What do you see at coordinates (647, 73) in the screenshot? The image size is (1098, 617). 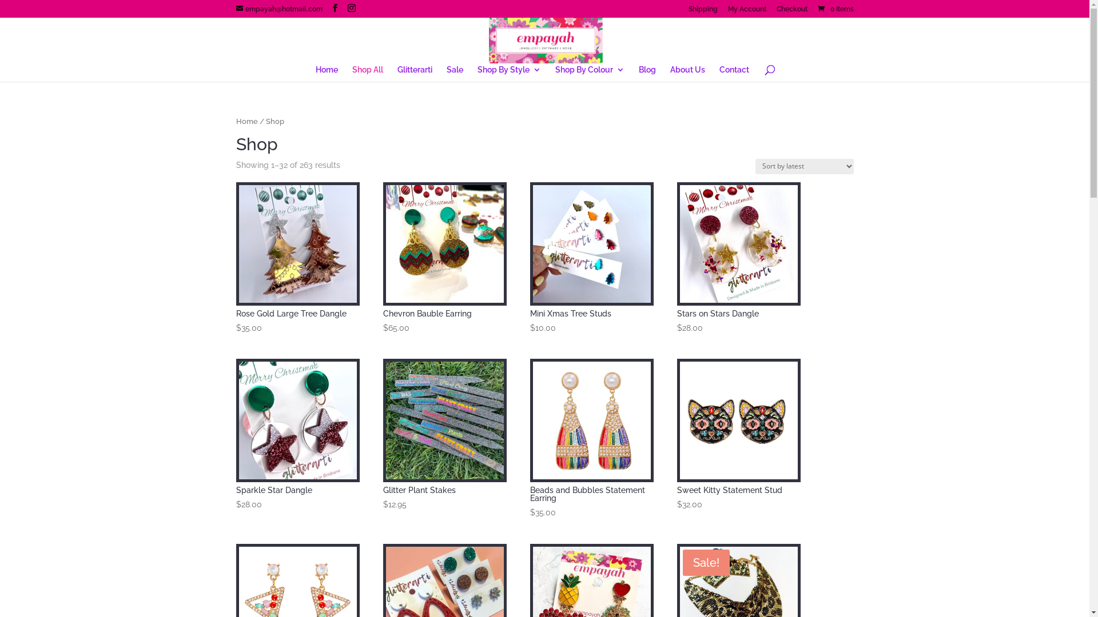 I see `'Blog'` at bounding box center [647, 73].